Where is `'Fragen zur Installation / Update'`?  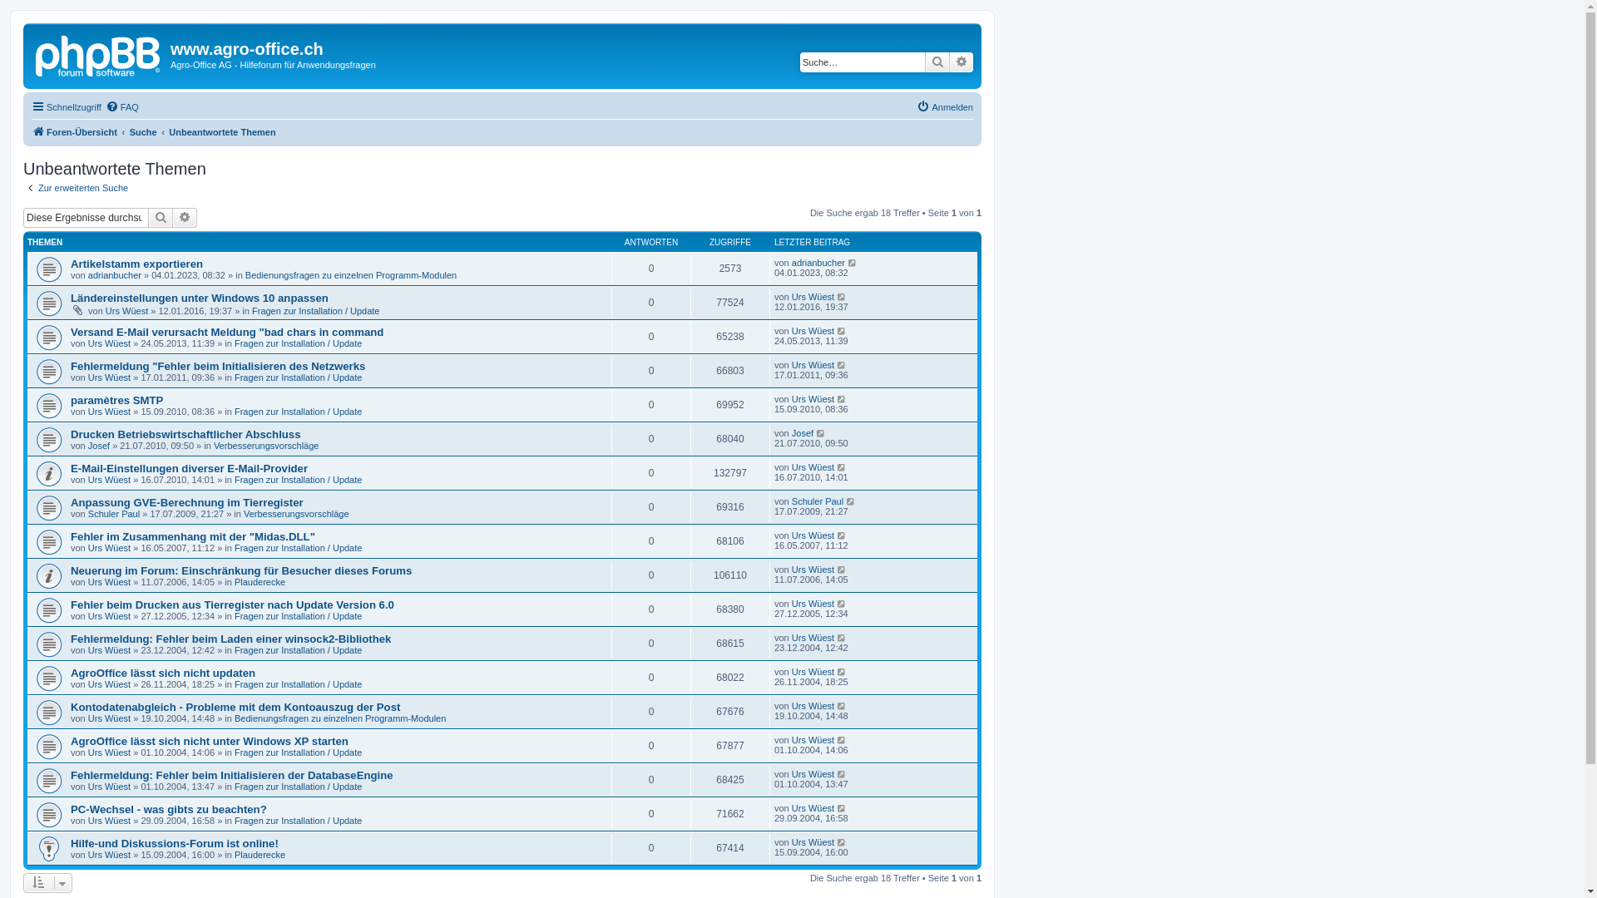
'Fragen zur Installation / Update' is located at coordinates (298, 377).